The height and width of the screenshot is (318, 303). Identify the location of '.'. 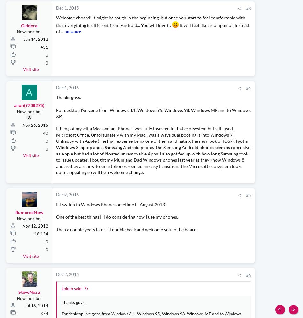
(76, 62).